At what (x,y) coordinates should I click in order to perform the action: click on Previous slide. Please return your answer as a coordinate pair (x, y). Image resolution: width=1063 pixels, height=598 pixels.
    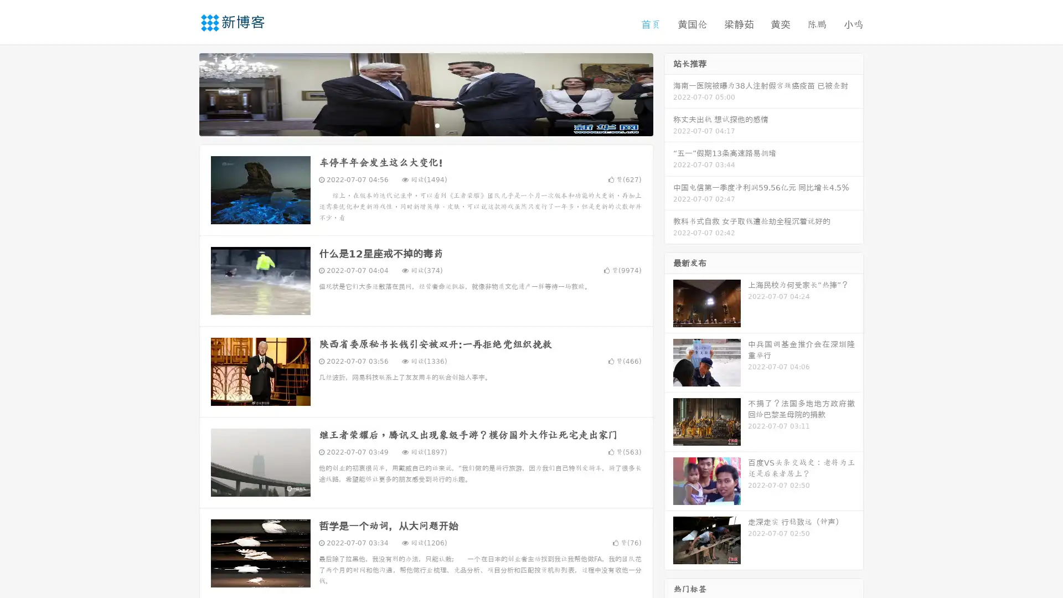
    Looking at the image, I should click on (183, 93).